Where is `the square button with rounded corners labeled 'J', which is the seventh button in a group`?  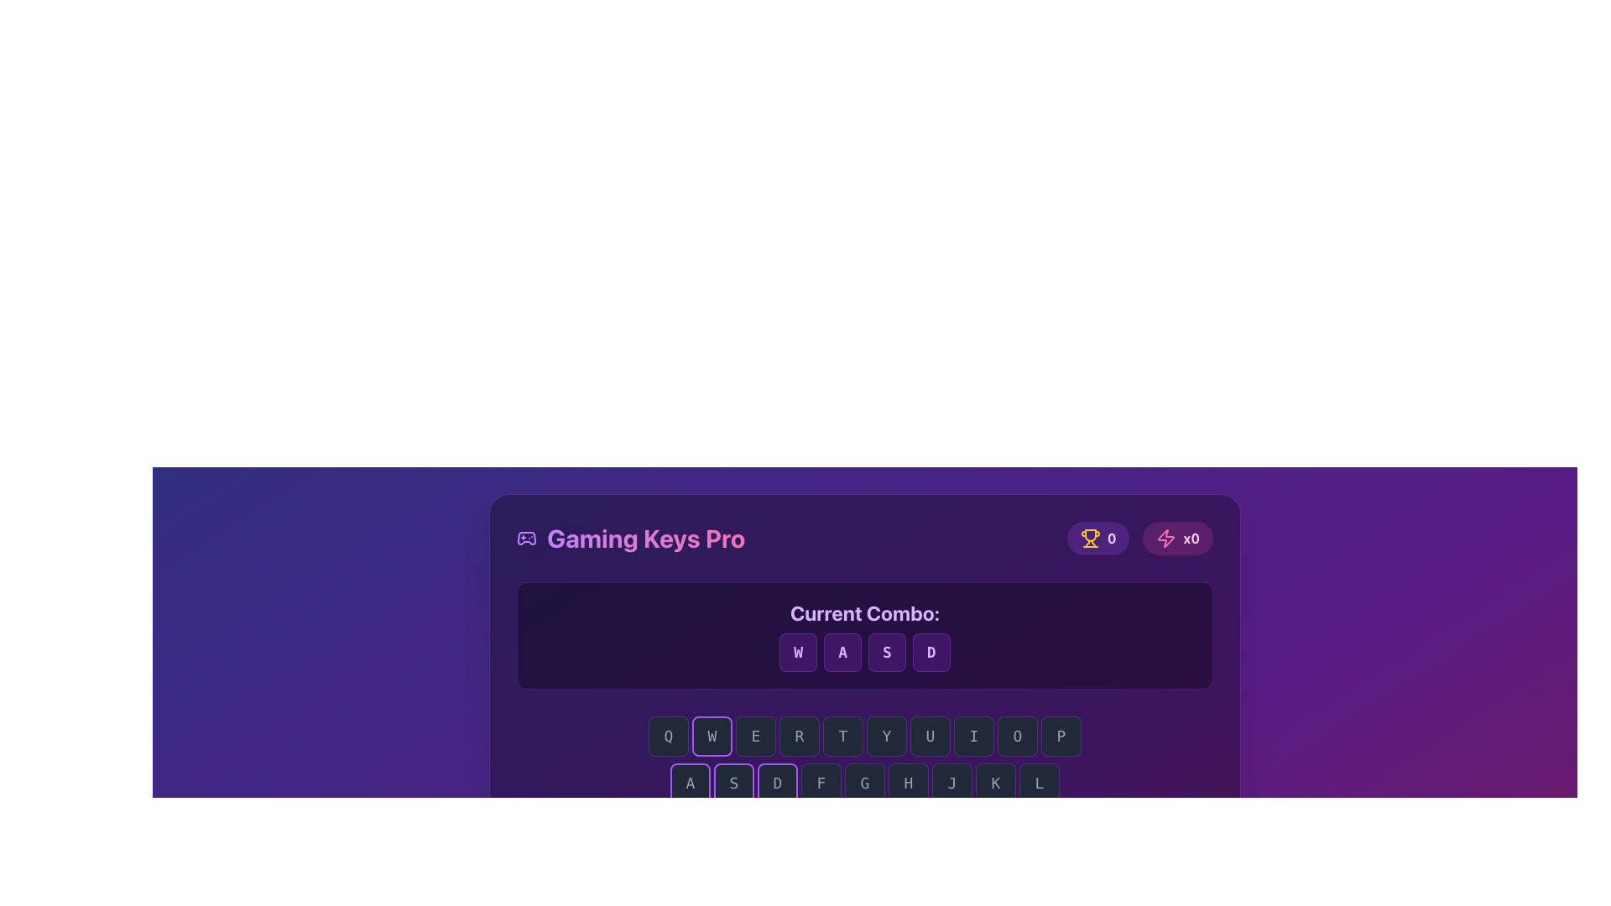
the square button with rounded corners labeled 'J', which is the seventh button in a group is located at coordinates (951, 783).